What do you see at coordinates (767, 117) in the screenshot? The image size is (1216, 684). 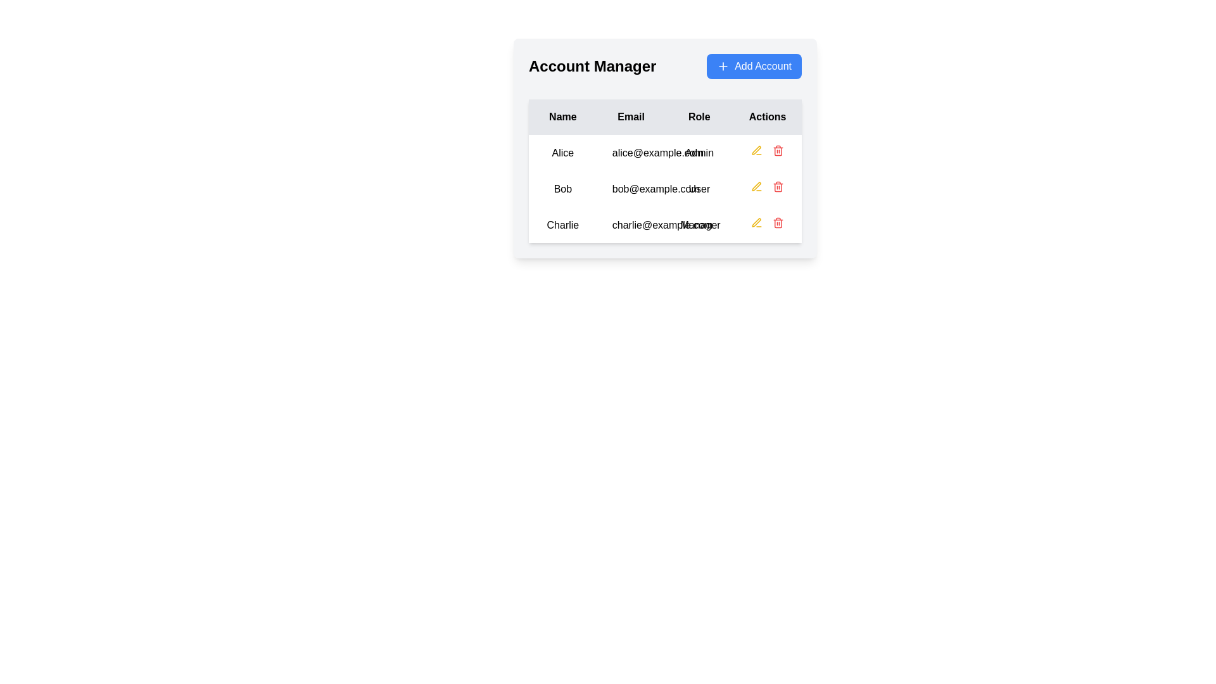 I see `the 'Actions' column header text label, which is the fourth header in a row of headers ('Name', 'Email', 'Role', 'Actions') and is displayed in bold black font on a light gray background` at bounding box center [767, 117].